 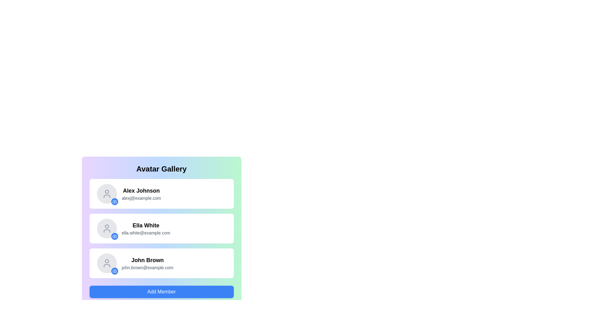 I want to click on the text label displaying 'Ella White' in bold, black font, which is positioned above the email address 'ella.white@example.com' within a user card layout, so click(x=146, y=225).